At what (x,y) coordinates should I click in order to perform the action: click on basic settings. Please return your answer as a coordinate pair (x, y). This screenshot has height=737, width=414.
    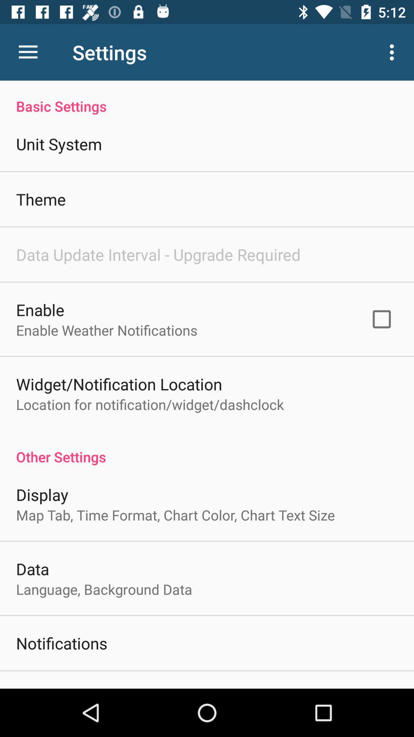
    Looking at the image, I should click on (207, 97).